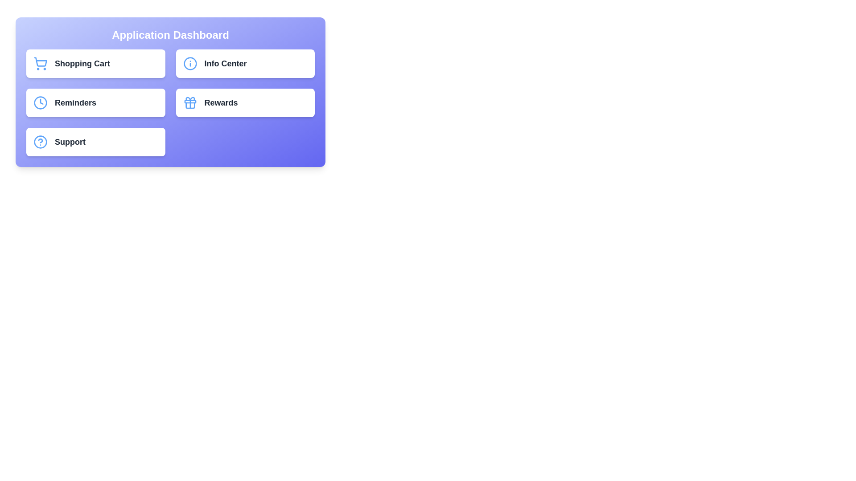  Describe the element at coordinates (40, 61) in the screenshot. I see `the main body of the shopping cart icon, which serves as a visual representation for accessing shopping-related features` at that location.